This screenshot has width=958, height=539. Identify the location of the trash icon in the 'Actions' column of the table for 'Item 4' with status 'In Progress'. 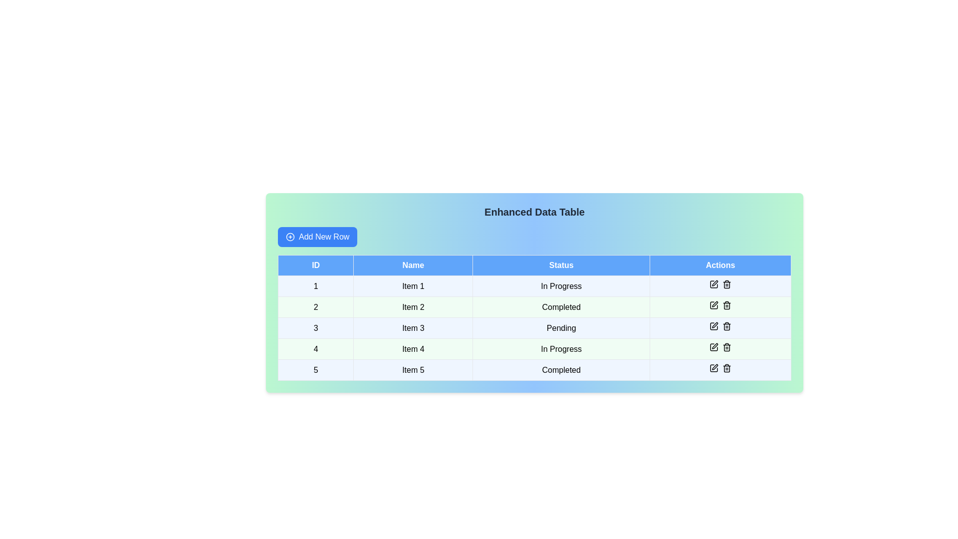
(720, 348).